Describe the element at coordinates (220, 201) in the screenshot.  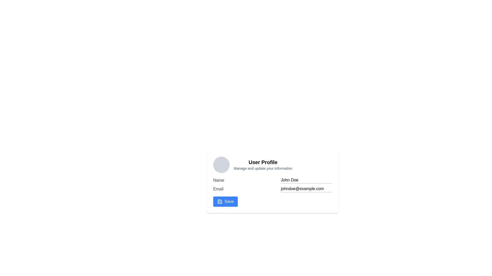
I see `the light blue save icon inside the 'Save' button located at the bottom left corner of the user profile card interface` at that location.